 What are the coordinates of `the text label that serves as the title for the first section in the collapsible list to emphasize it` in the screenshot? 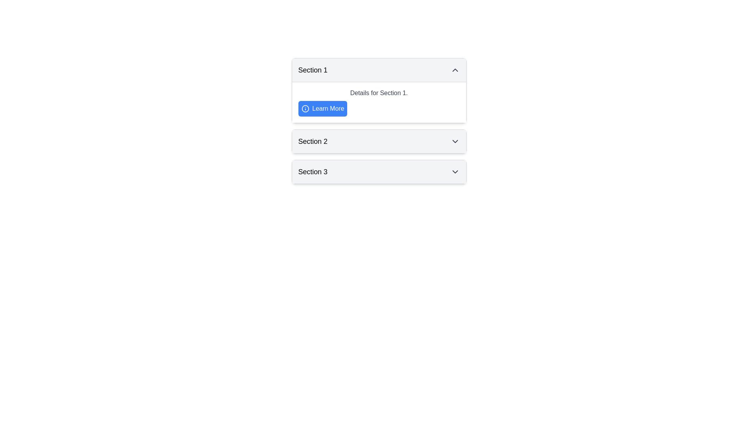 It's located at (312, 70).